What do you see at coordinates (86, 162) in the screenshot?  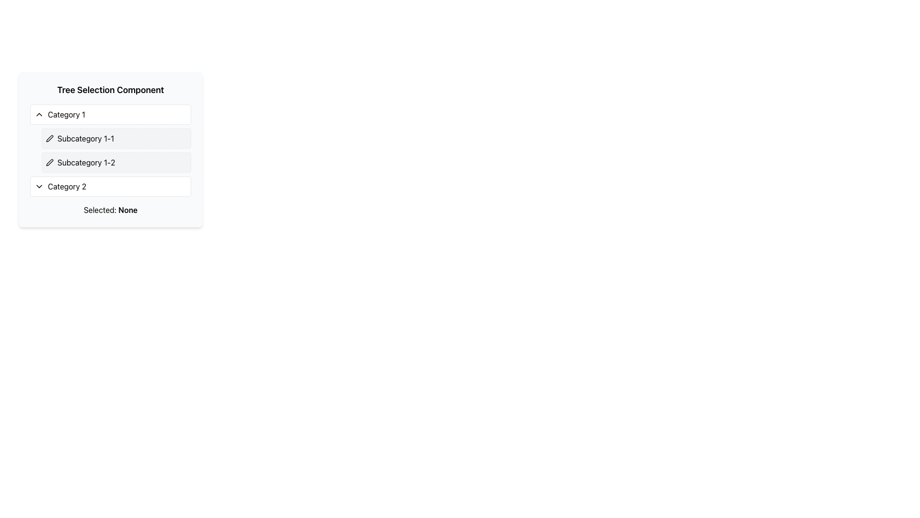 I see `the text label displaying 'Subcategory 1-2'` at bounding box center [86, 162].